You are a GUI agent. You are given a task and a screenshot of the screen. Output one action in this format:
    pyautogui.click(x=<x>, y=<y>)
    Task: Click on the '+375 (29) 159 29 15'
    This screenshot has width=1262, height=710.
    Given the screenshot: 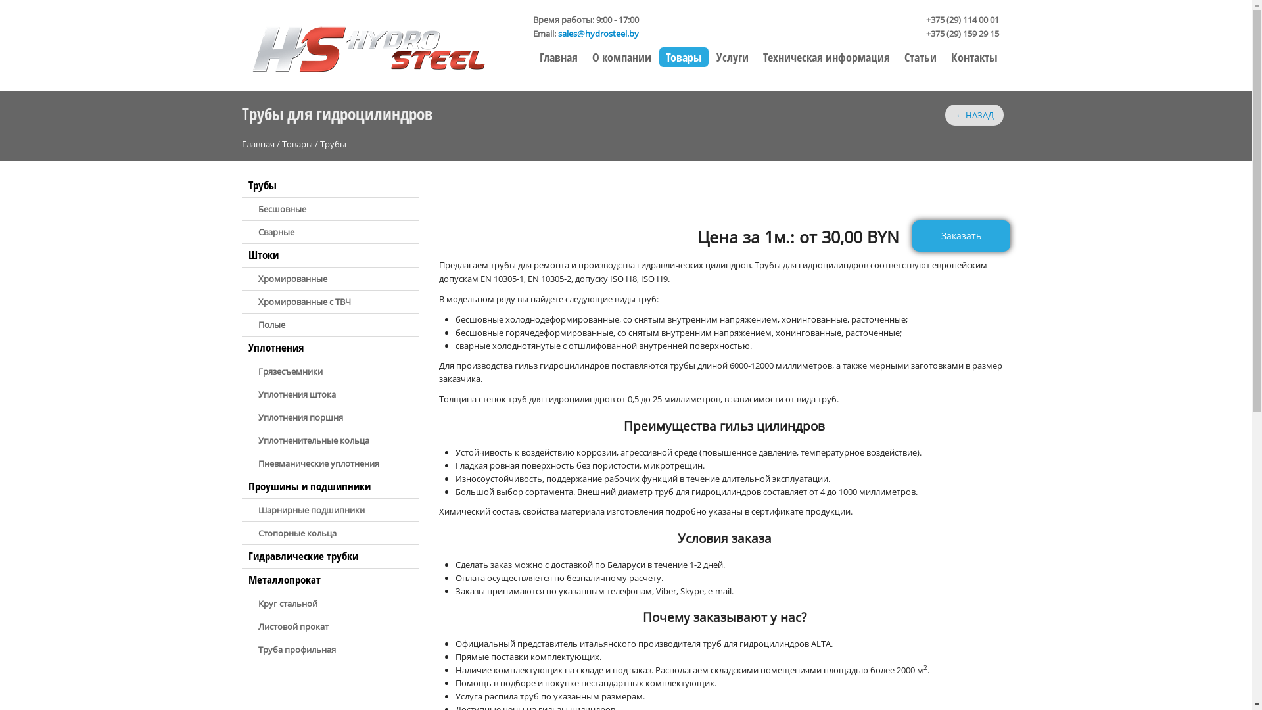 What is the action you would take?
    pyautogui.click(x=962, y=32)
    